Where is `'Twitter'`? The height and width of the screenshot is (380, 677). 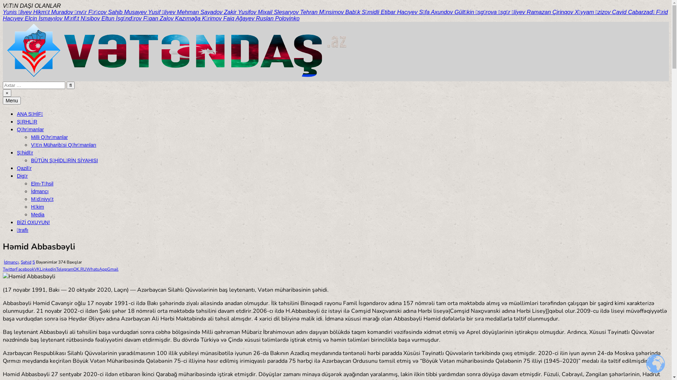
'Twitter' is located at coordinates (9, 269).